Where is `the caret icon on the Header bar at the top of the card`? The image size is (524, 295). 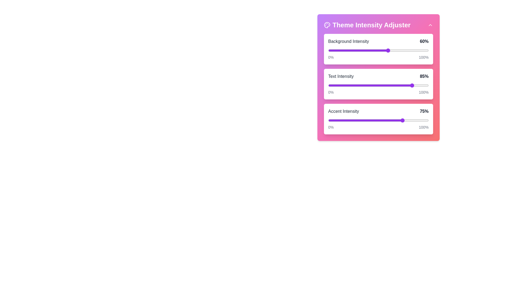 the caret icon on the Header bar at the top of the card is located at coordinates (378, 25).